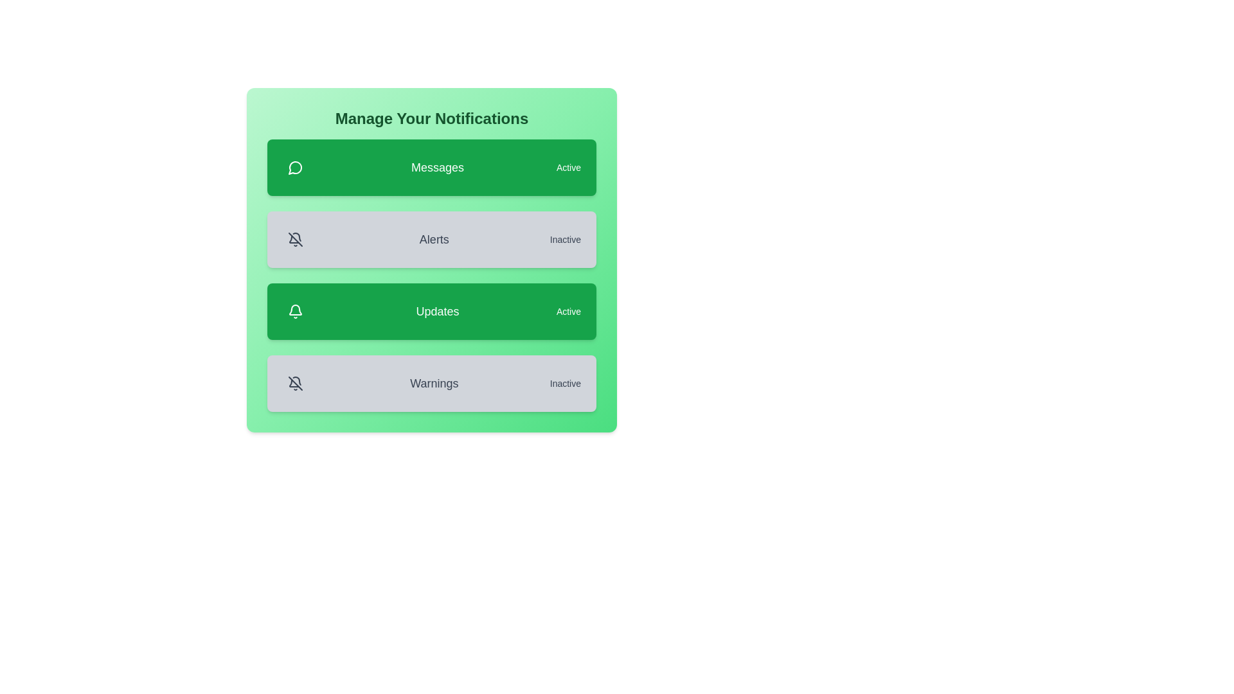  What do you see at coordinates (432, 240) in the screenshot?
I see `the notification card for Alerts` at bounding box center [432, 240].